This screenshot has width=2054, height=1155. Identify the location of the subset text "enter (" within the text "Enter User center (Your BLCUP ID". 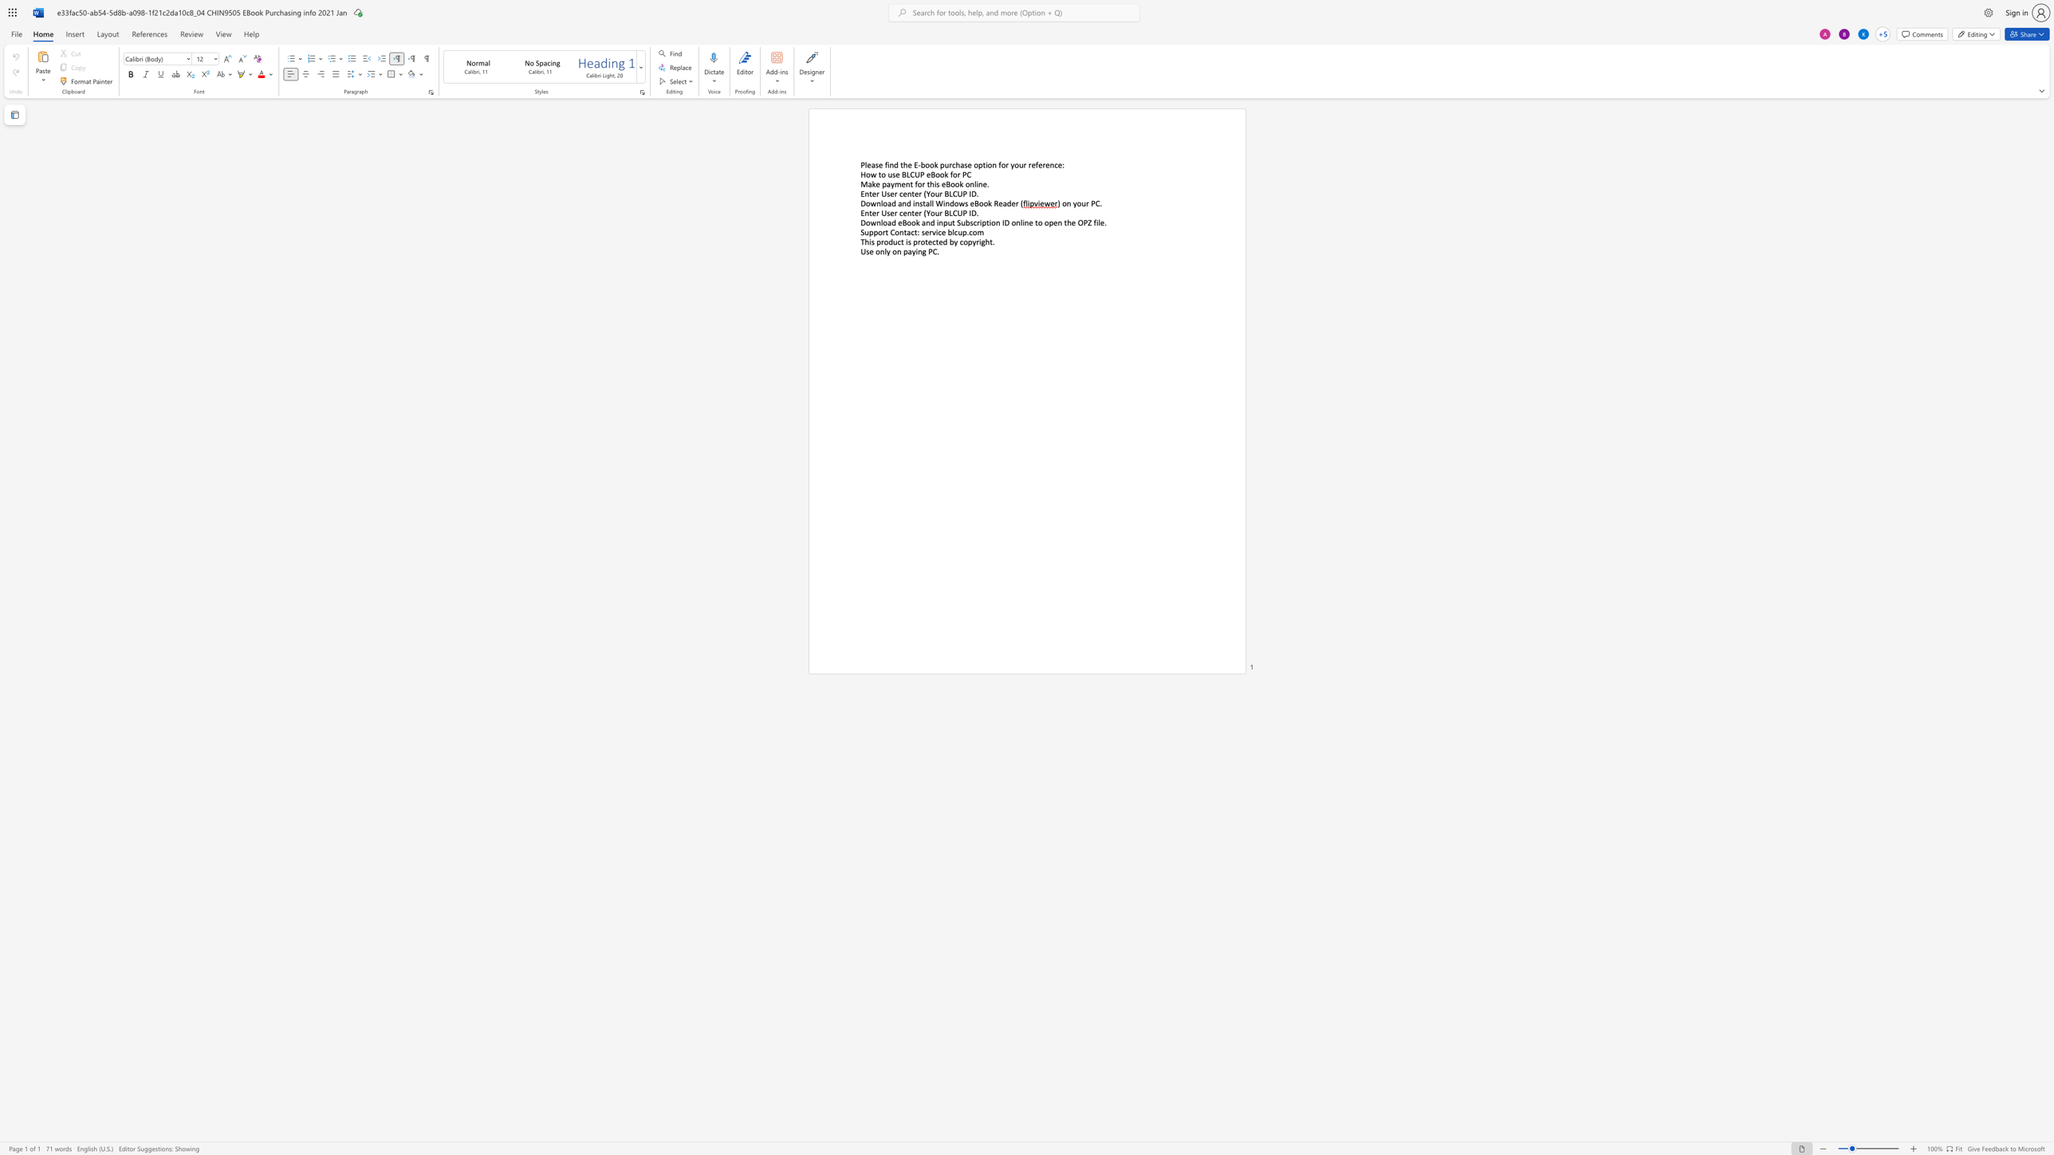
(903, 213).